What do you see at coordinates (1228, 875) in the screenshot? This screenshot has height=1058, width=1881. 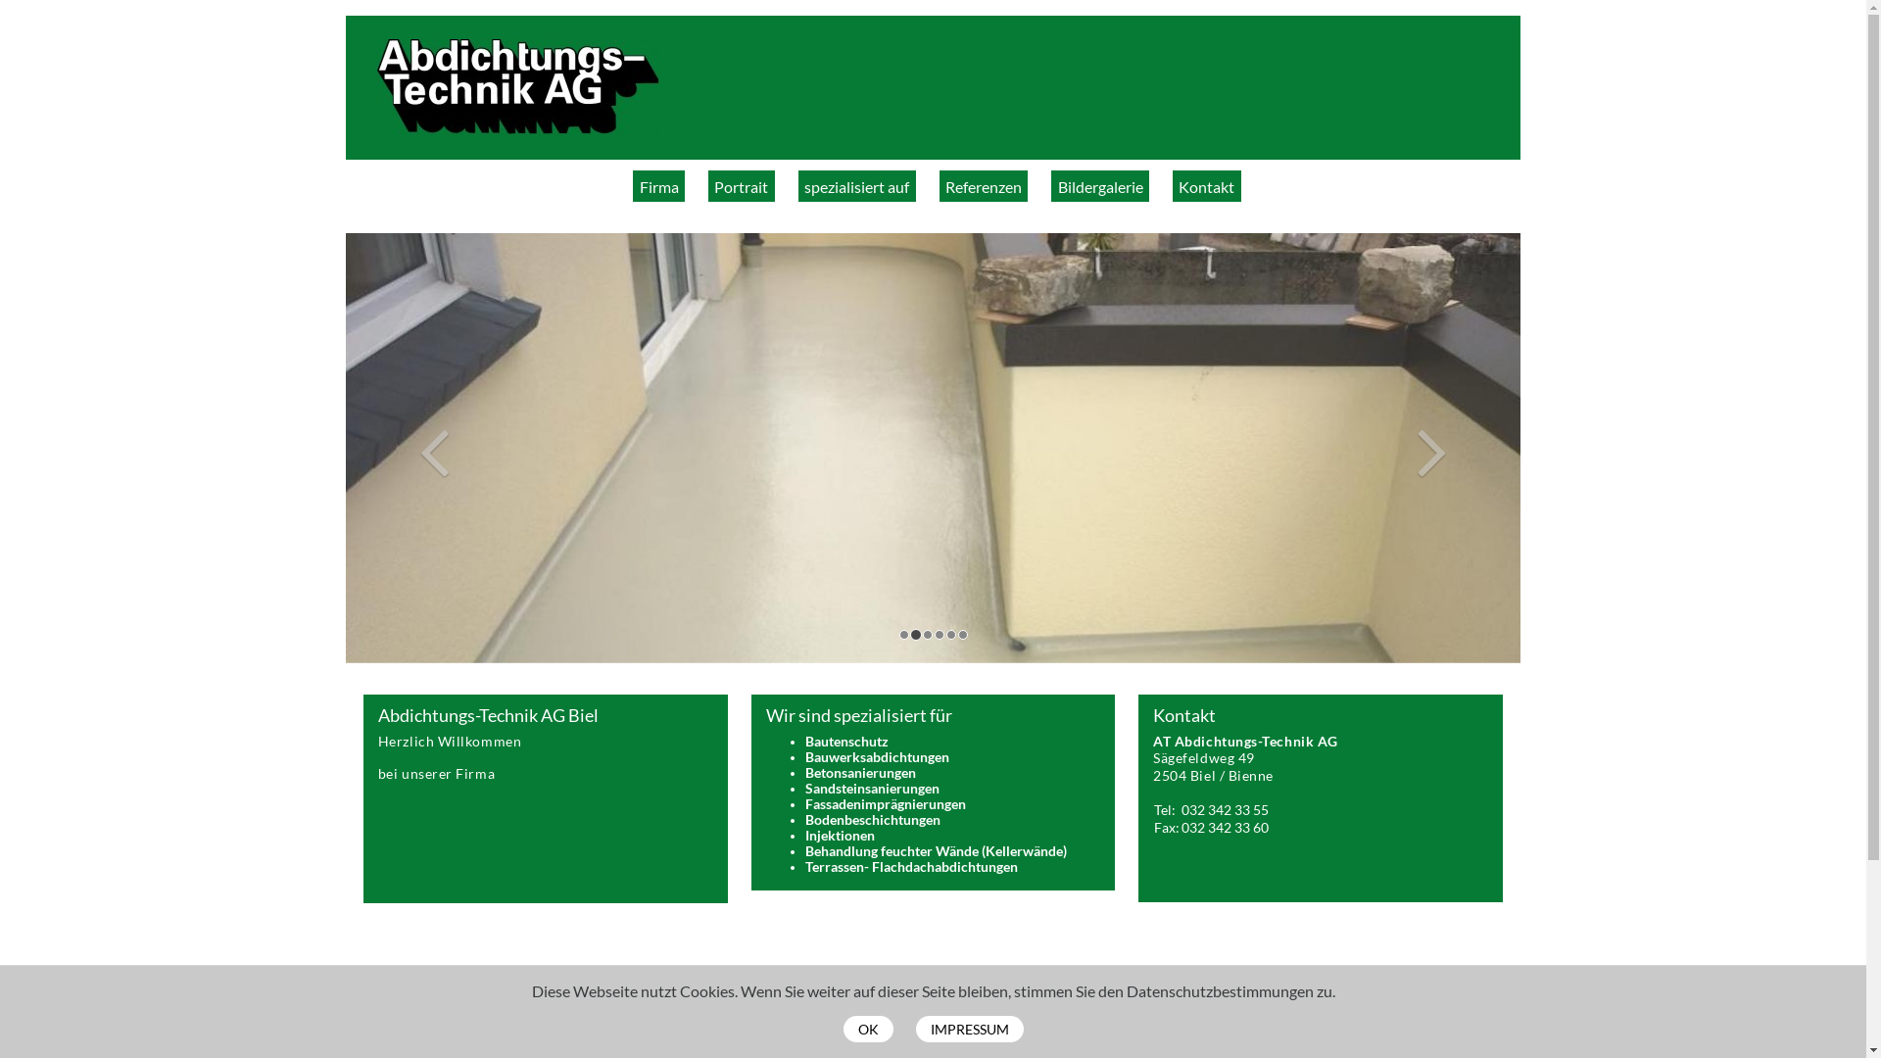 I see `'abdichtung@sunrise.ch'` at bounding box center [1228, 875].